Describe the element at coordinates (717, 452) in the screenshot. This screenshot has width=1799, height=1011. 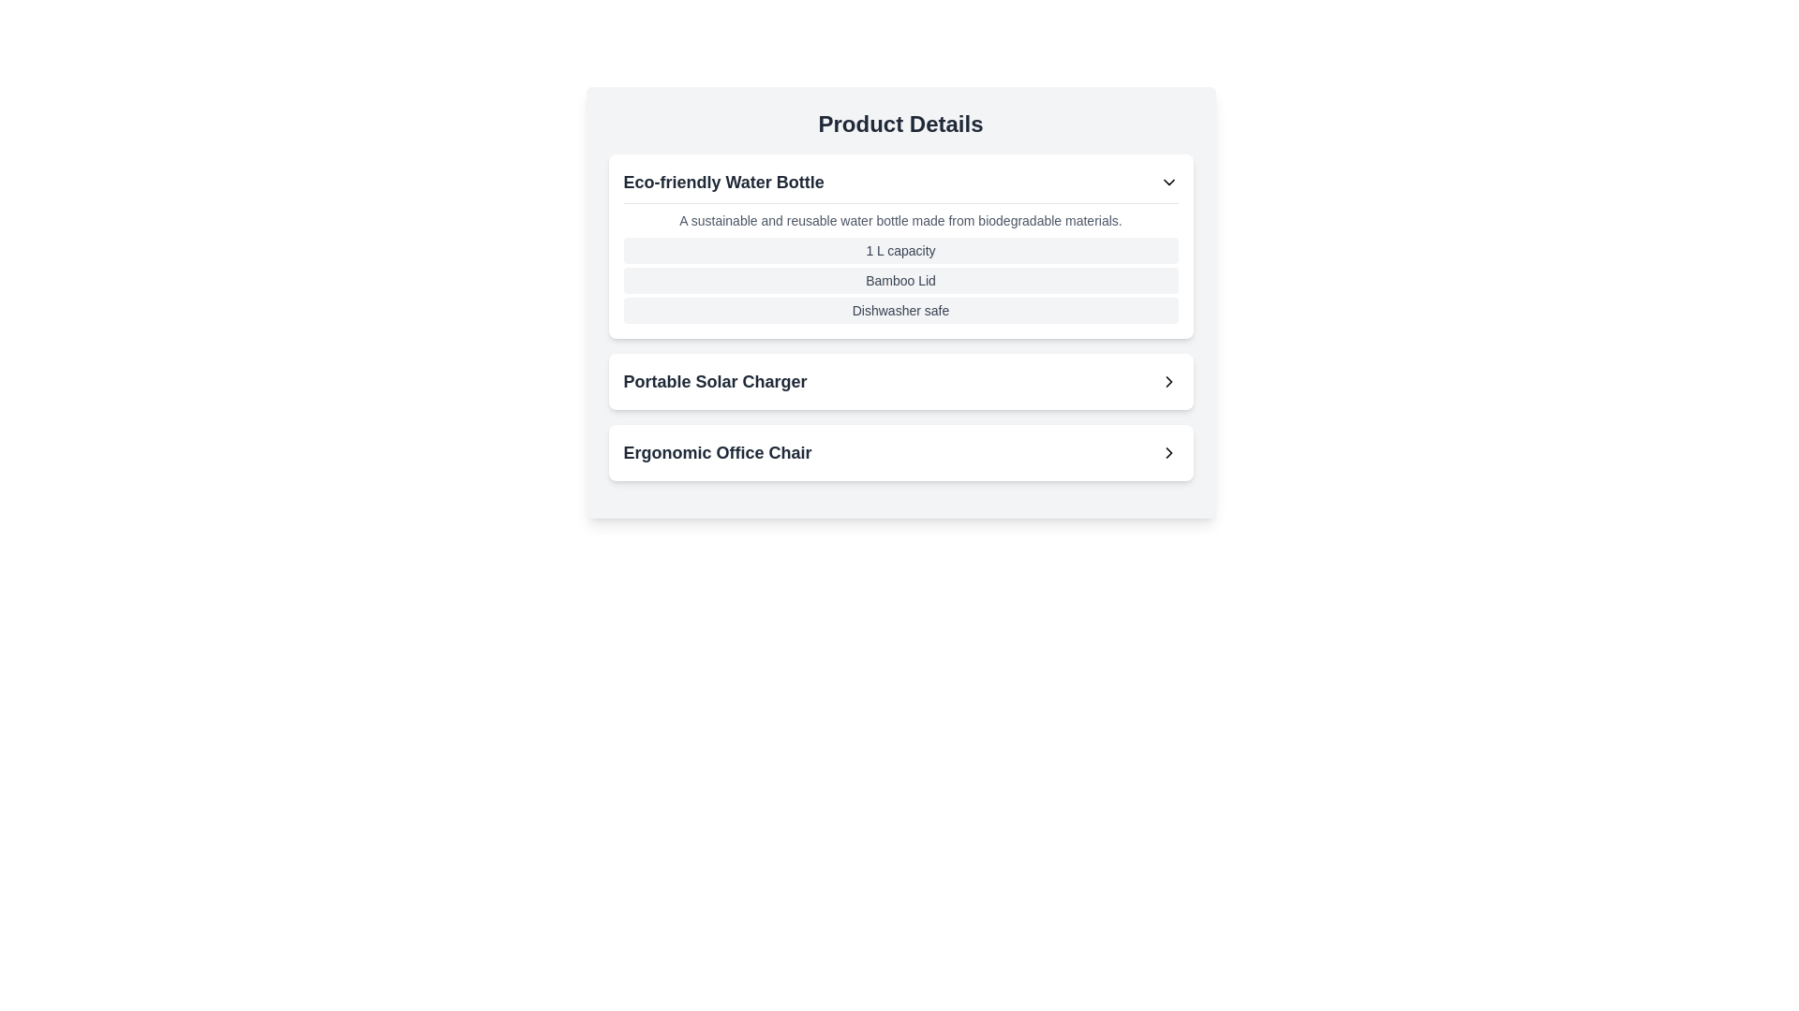
I see `the Text Label in the third row of the 'Product Details' section, which indicates the content of the corresponding list item` at that location.